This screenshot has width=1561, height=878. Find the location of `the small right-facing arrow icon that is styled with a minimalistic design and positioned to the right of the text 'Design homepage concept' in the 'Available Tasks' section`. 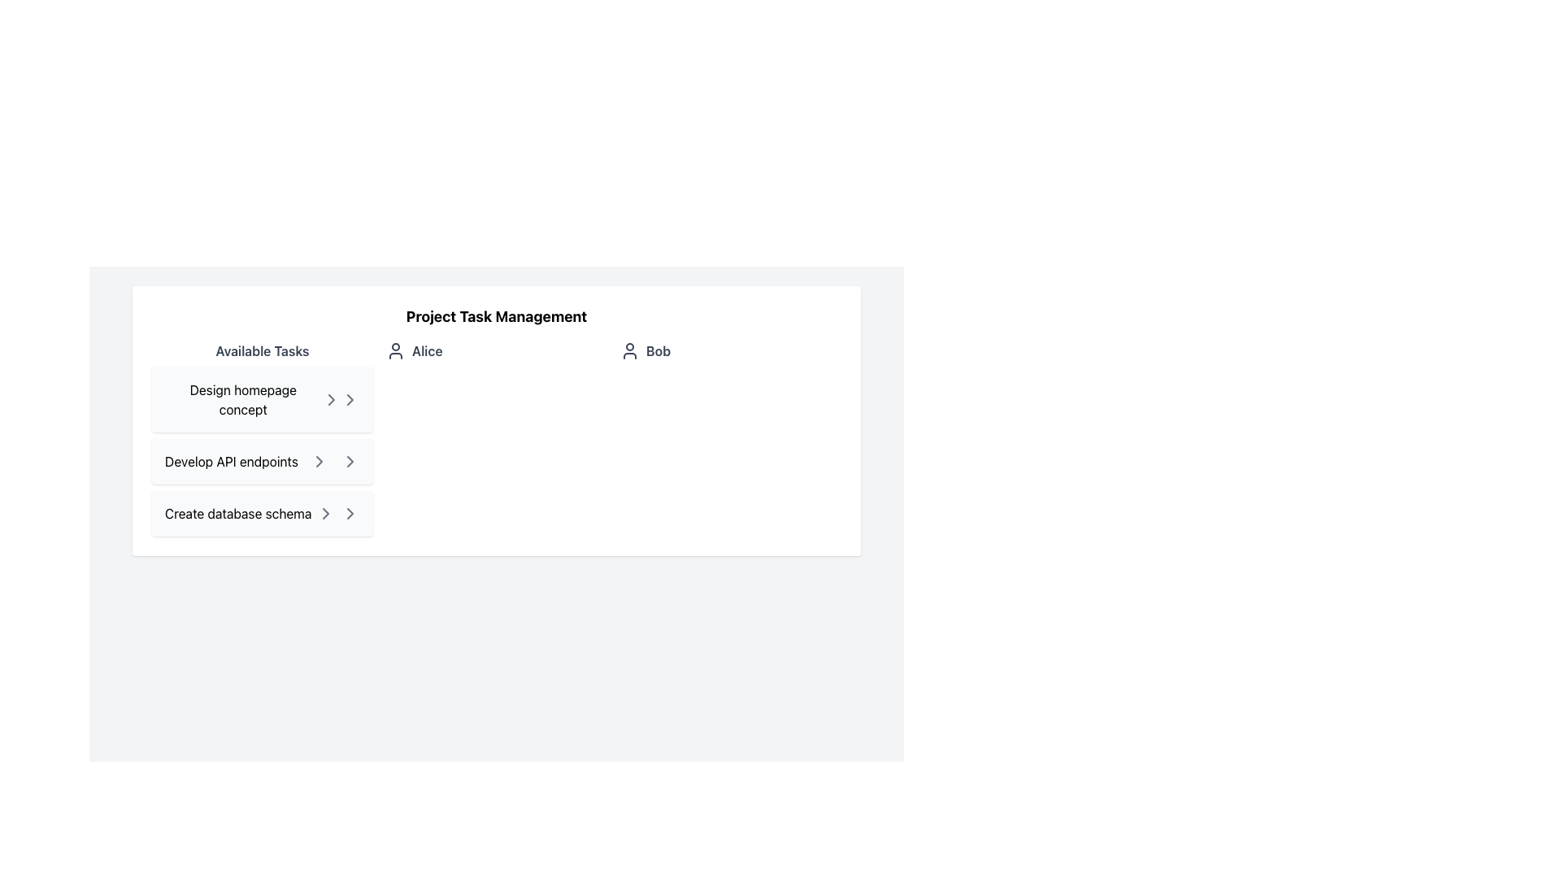

the small right-facing arrow icon that is styled with a minimalistic design and positioned to the right of the text 'Design homepage concept' in the 'Available Tasks' section is located at coordinates (330, 400).